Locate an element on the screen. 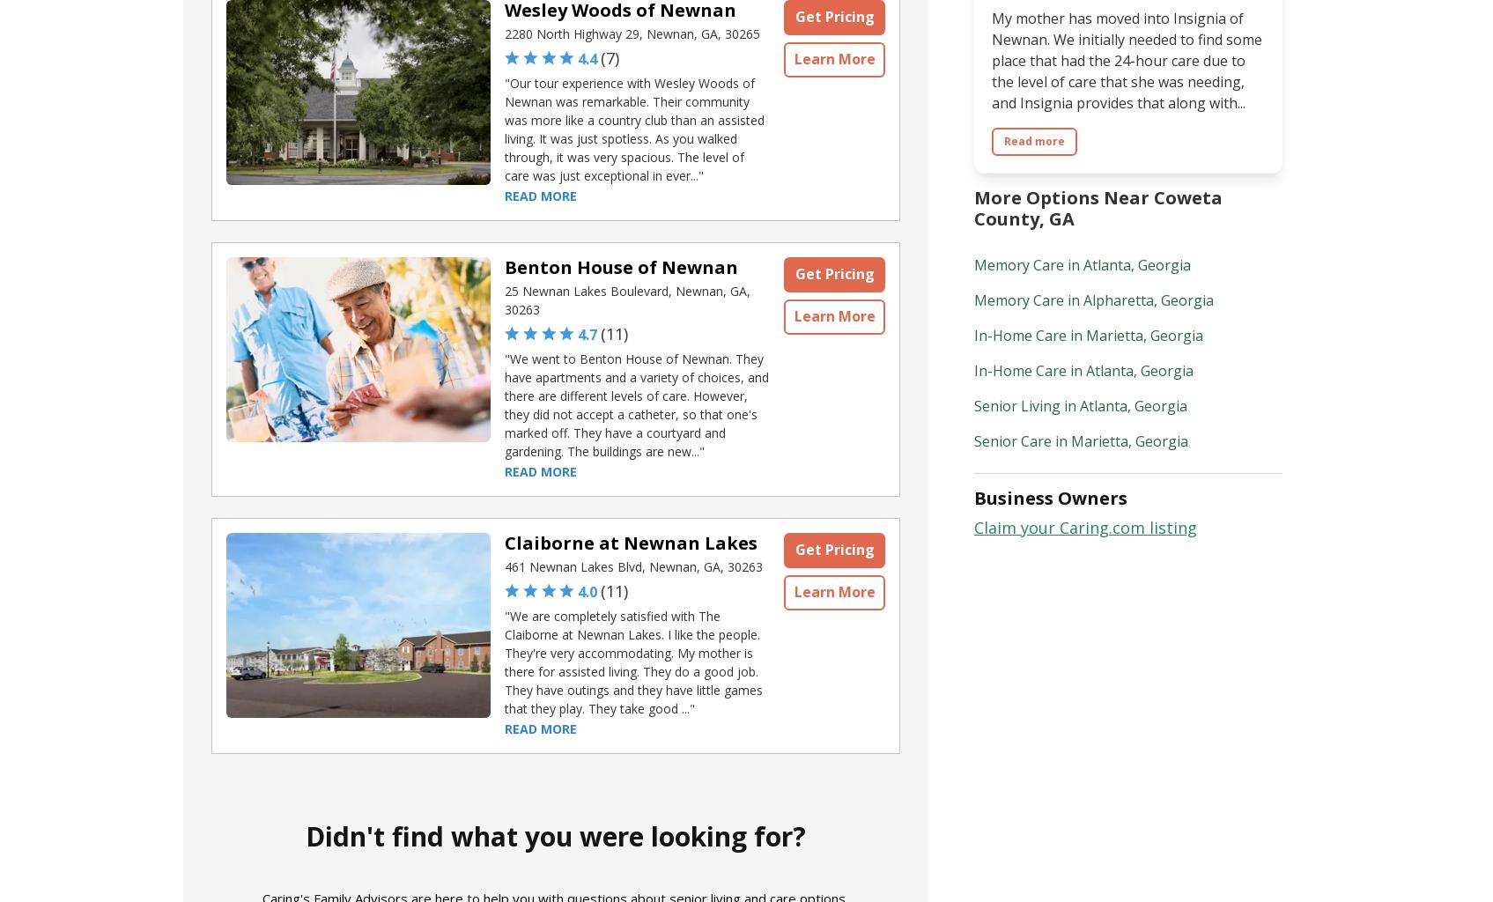  'Memory Care in Alpharetta, Georgia' is located at coordinates (1092, 298).